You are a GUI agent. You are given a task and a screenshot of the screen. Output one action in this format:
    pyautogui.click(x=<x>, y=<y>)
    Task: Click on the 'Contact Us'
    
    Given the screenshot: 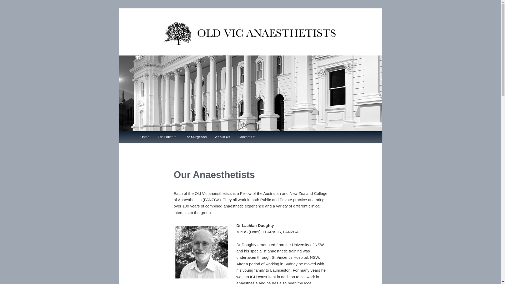 What is the action you would take?
    pyautogui.click(x=247, y=136)
    